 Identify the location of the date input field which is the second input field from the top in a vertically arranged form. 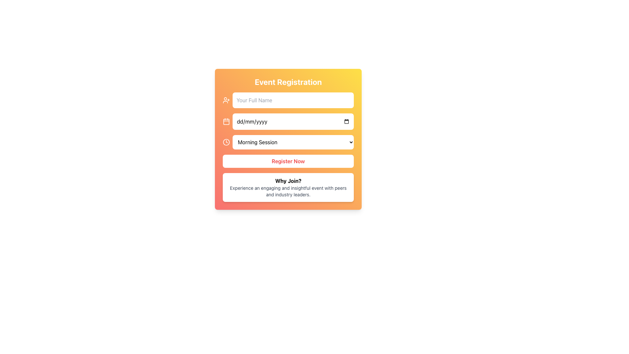
(293, 121).